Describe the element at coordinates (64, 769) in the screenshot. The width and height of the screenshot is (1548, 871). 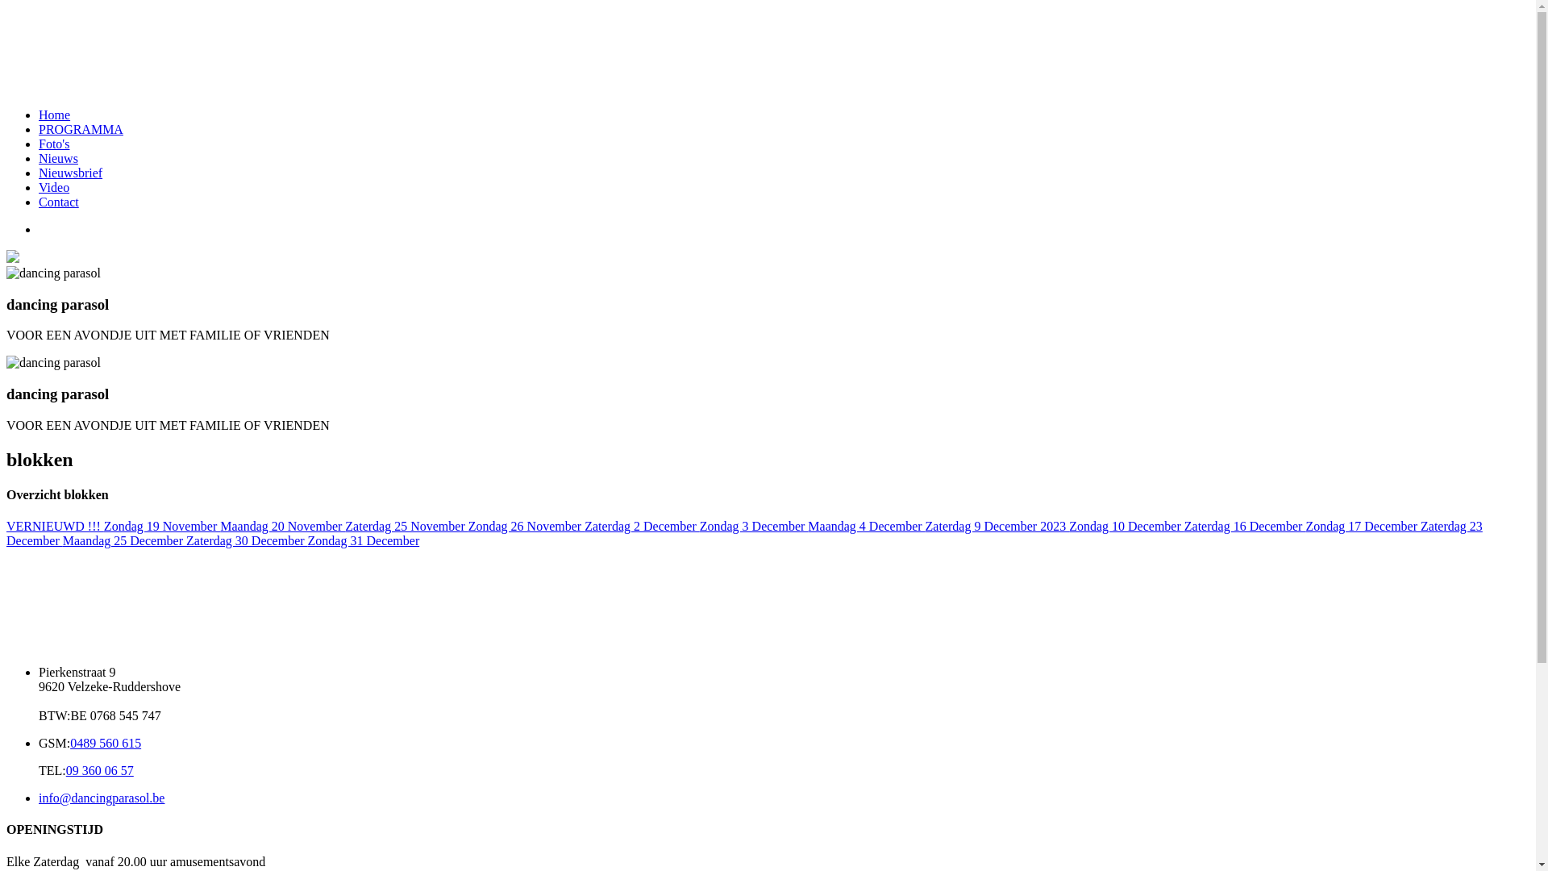
I see `'09 360 06 57'` at that location.